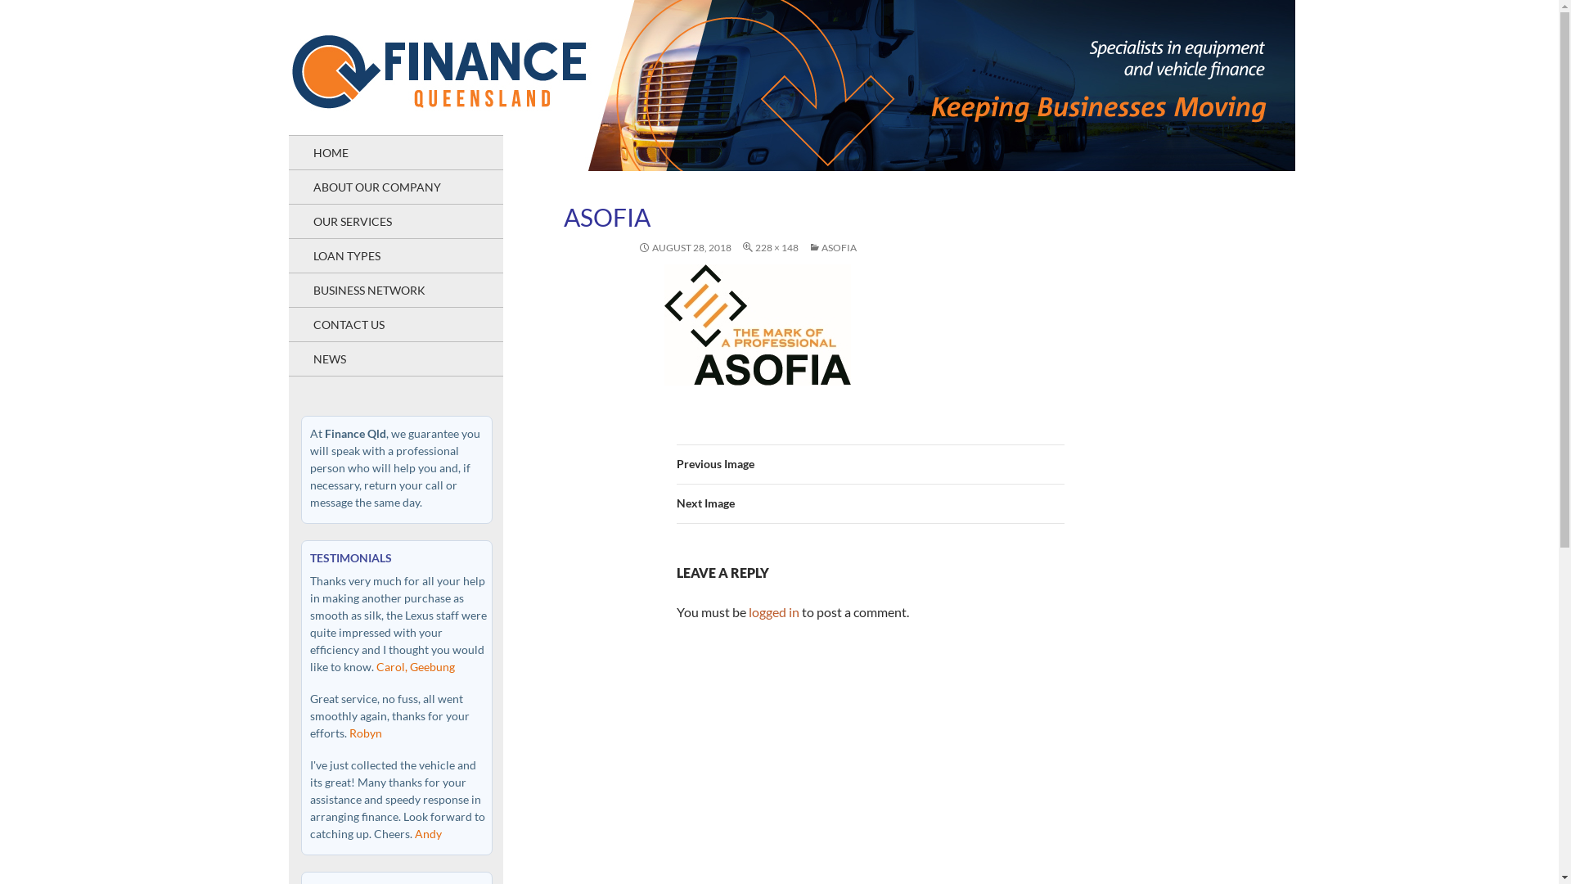 The width and height of the screenshot is (1571, 884). Describe the element at coordinates (395, 186) in the screenshot. I see `'ABOUT OUR COMPANY'` at that location.